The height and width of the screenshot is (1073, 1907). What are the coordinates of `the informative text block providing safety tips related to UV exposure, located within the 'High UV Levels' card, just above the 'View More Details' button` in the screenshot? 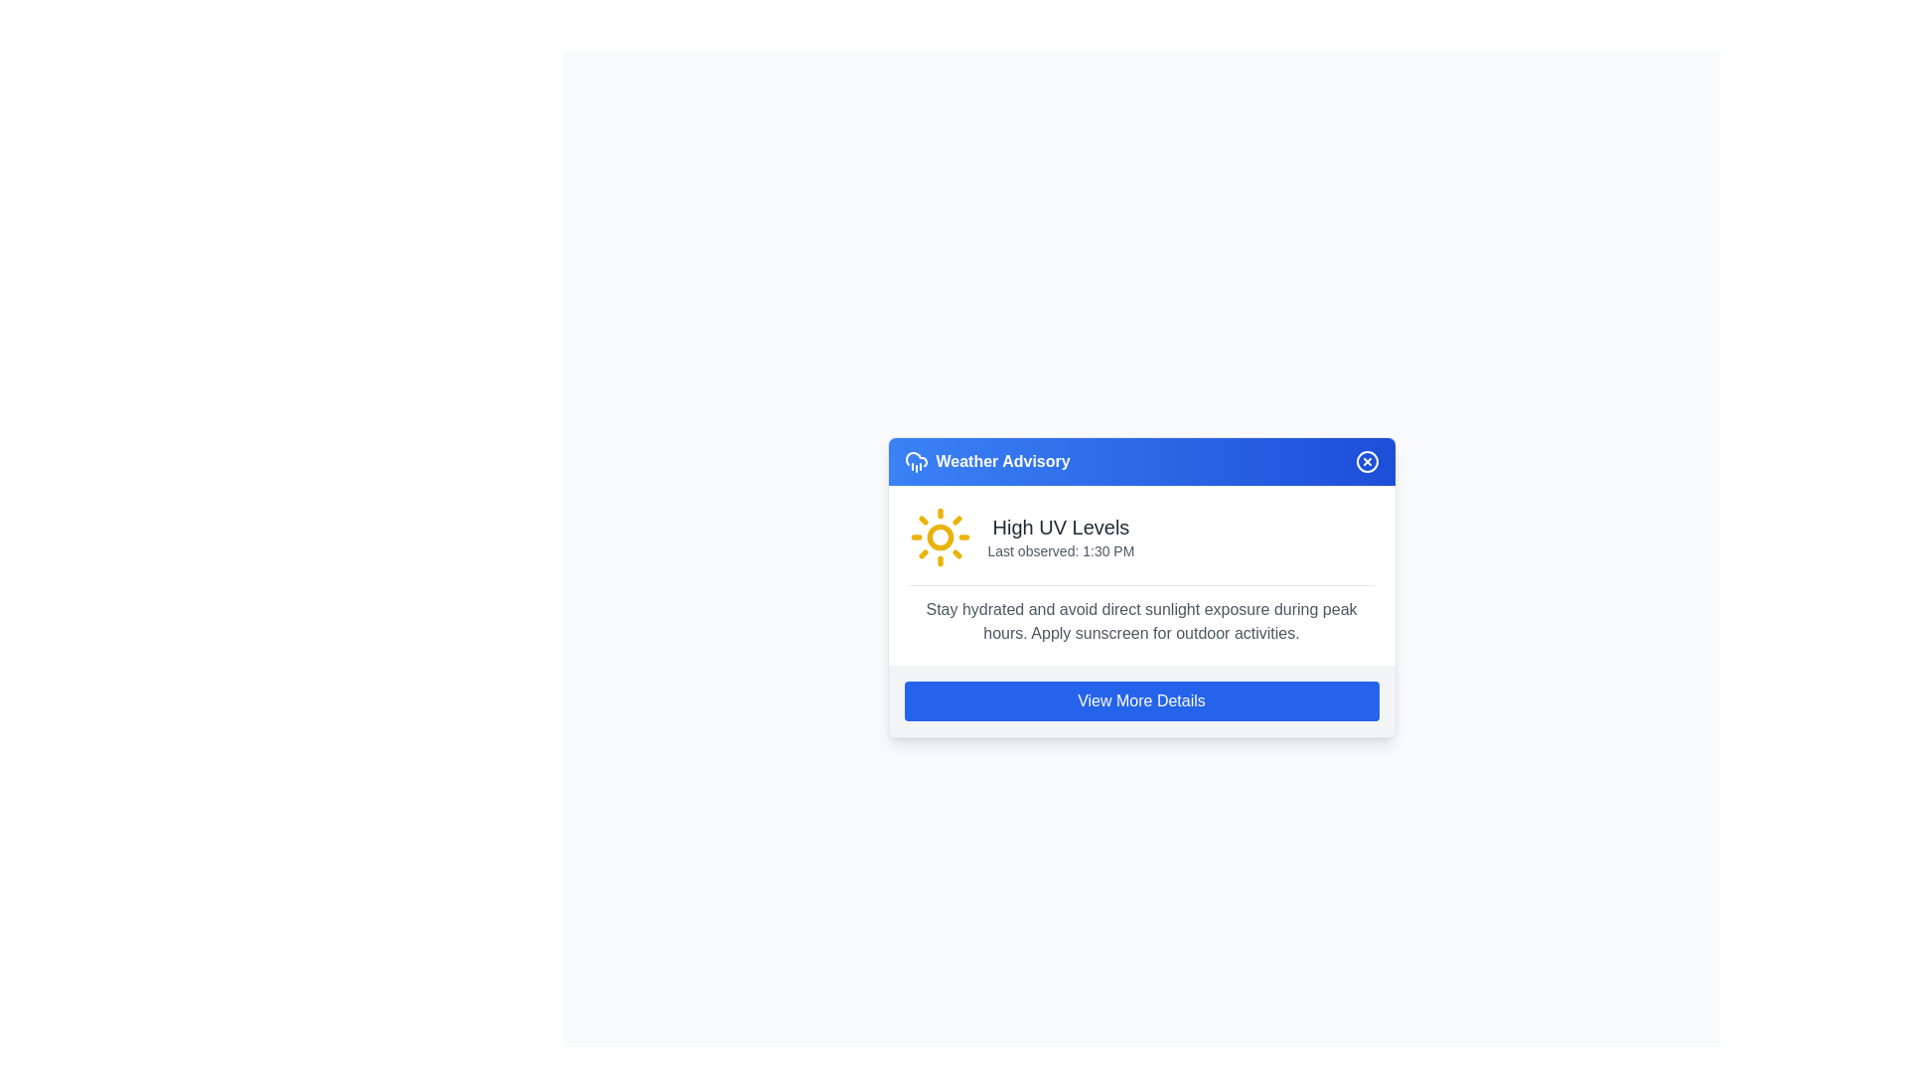 It's located at (1141, 613).